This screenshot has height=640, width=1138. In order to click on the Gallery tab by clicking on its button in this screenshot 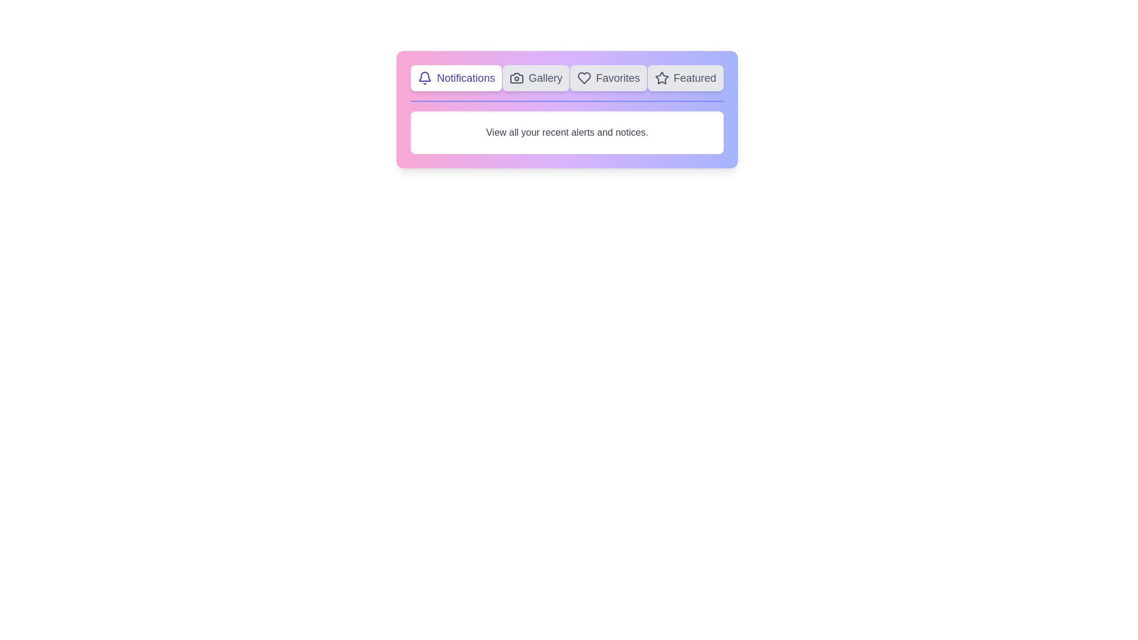, I will do `click(535, 78)`.